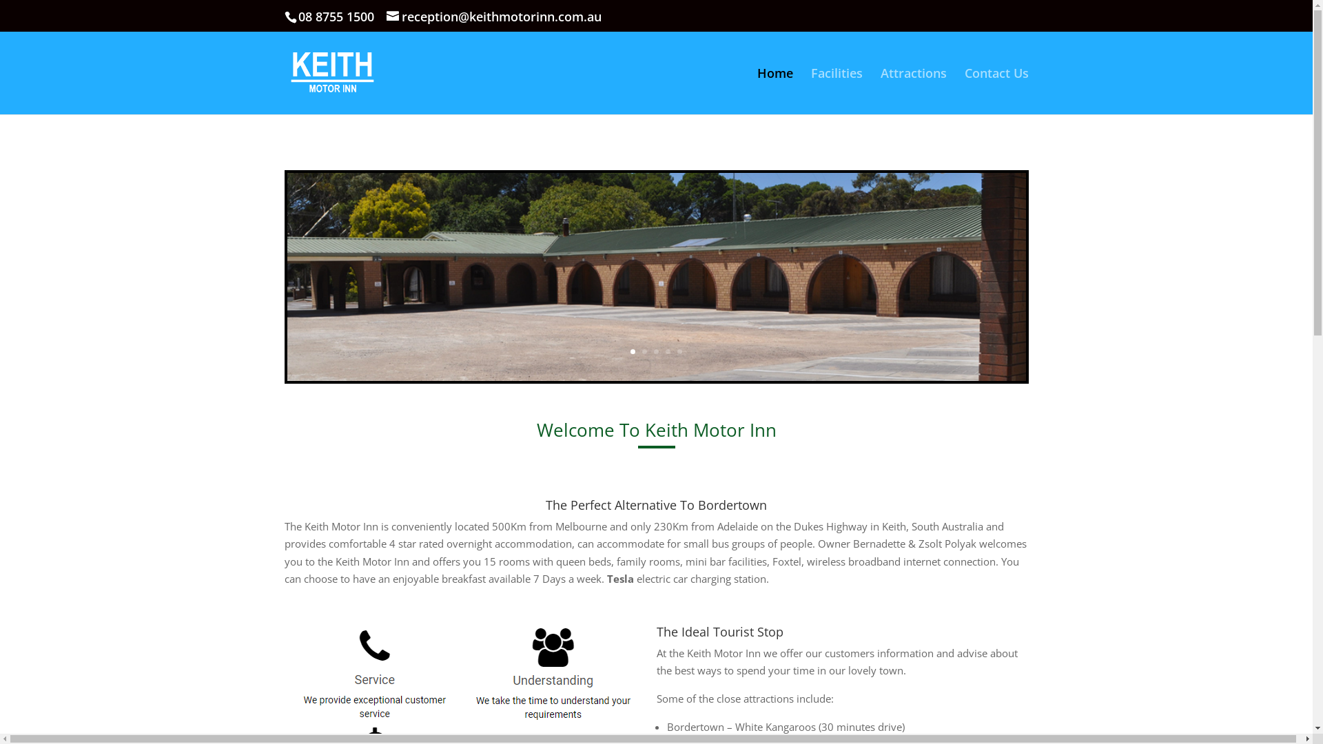  What do you see at coordinates (964, 91) in the screenshot?
I see `'Contact Us'` at bounding box center [964, 91].